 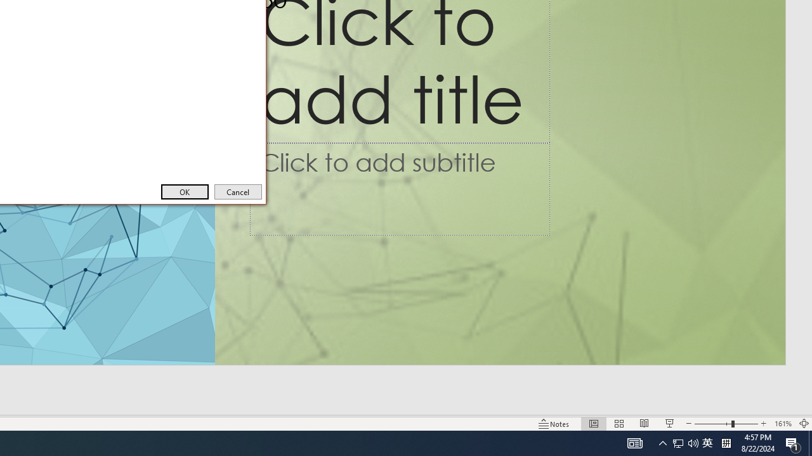 I want to click on 'Zoom 161%', so click(x=782, y=424).